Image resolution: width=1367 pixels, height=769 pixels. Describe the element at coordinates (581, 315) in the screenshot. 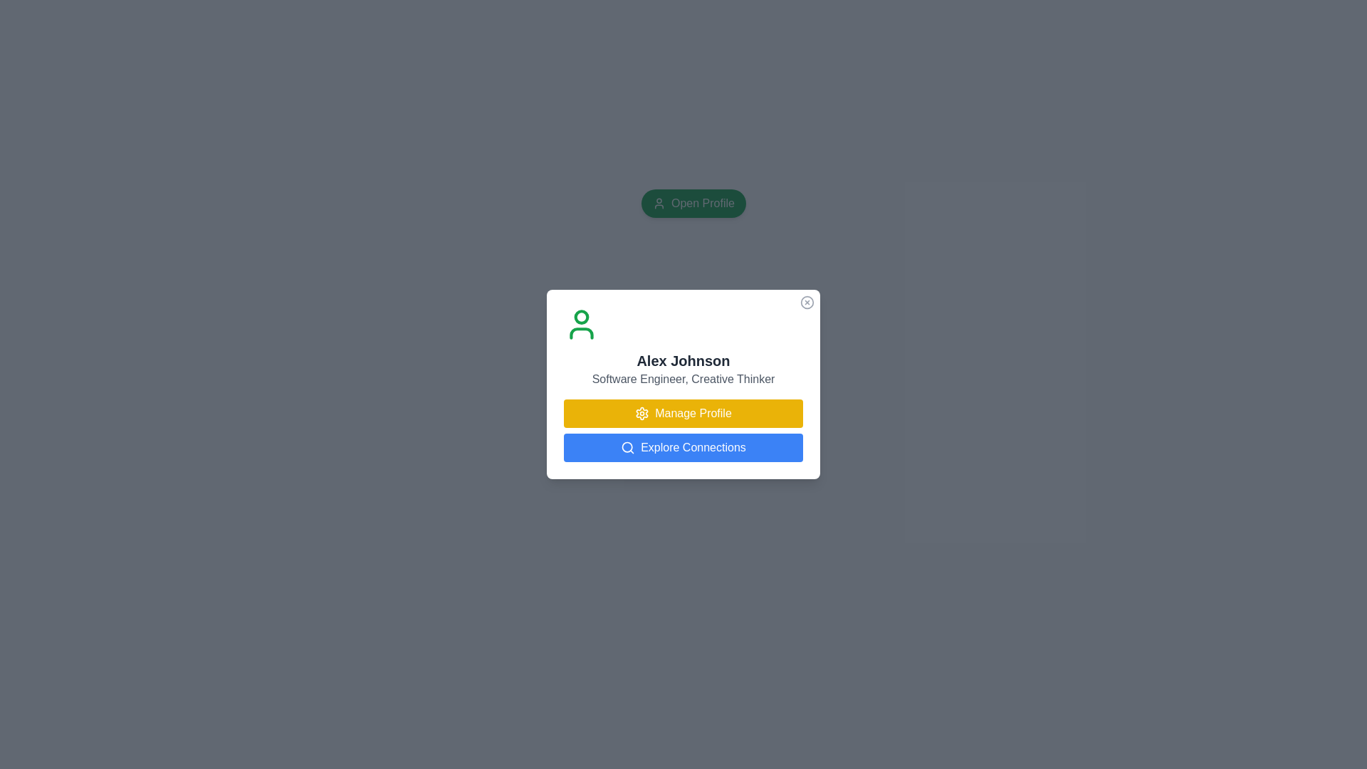

I see `the decorative graphical element located at the center of the user icon, which is part of a dialog box` at that location.